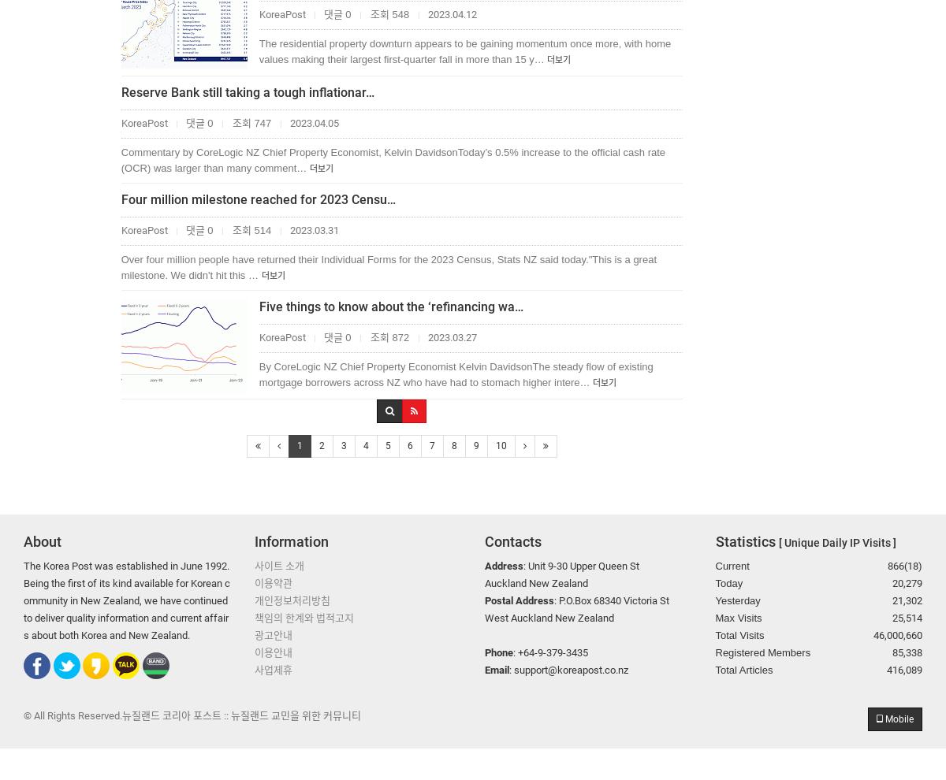 The width and height of the screenshot is (946, 780). I want to click on 'Information', so click(291, 541).